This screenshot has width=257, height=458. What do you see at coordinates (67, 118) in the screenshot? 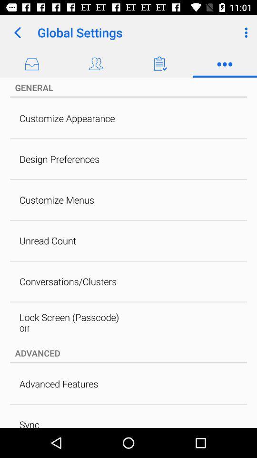
I see `the customize appearance item` at bounding box center [67, 118].